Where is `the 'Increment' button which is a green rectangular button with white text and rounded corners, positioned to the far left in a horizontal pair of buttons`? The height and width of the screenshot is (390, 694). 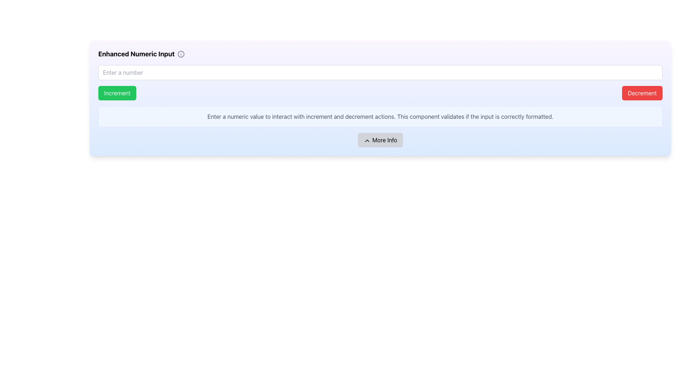 the 'Increment' button which is a green rectangular button with white text and rounded corners, positioned to the far left in a horizontal pair of buttons is located at coordinates (117, 93).